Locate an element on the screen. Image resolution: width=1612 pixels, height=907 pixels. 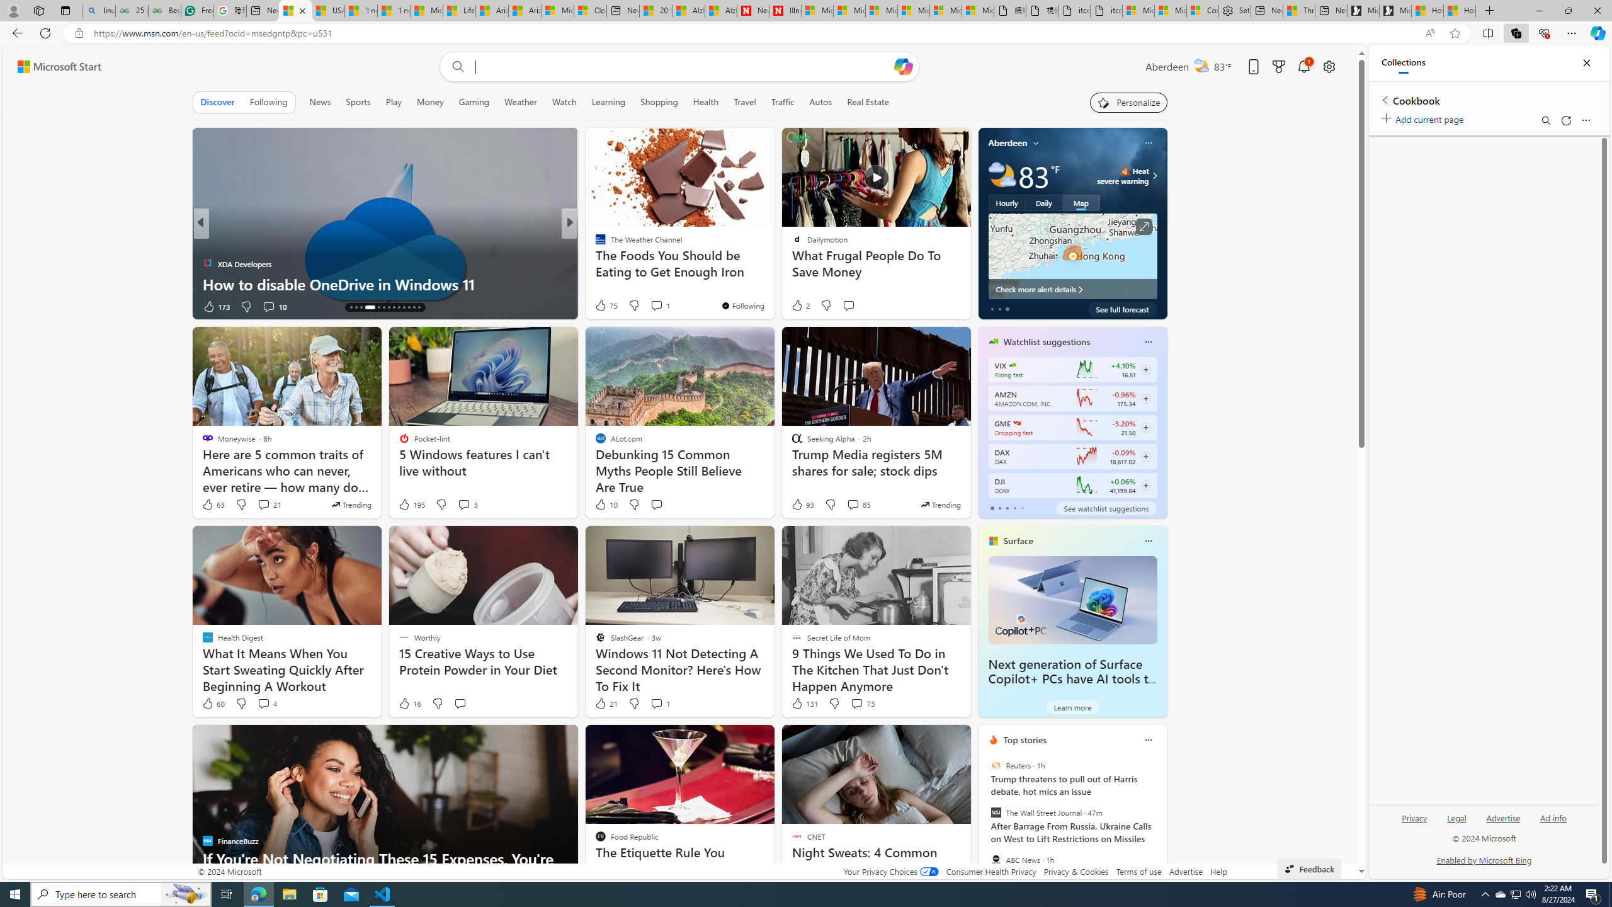
'AutomationID: tab-20' is located at coordinates (387, 307).